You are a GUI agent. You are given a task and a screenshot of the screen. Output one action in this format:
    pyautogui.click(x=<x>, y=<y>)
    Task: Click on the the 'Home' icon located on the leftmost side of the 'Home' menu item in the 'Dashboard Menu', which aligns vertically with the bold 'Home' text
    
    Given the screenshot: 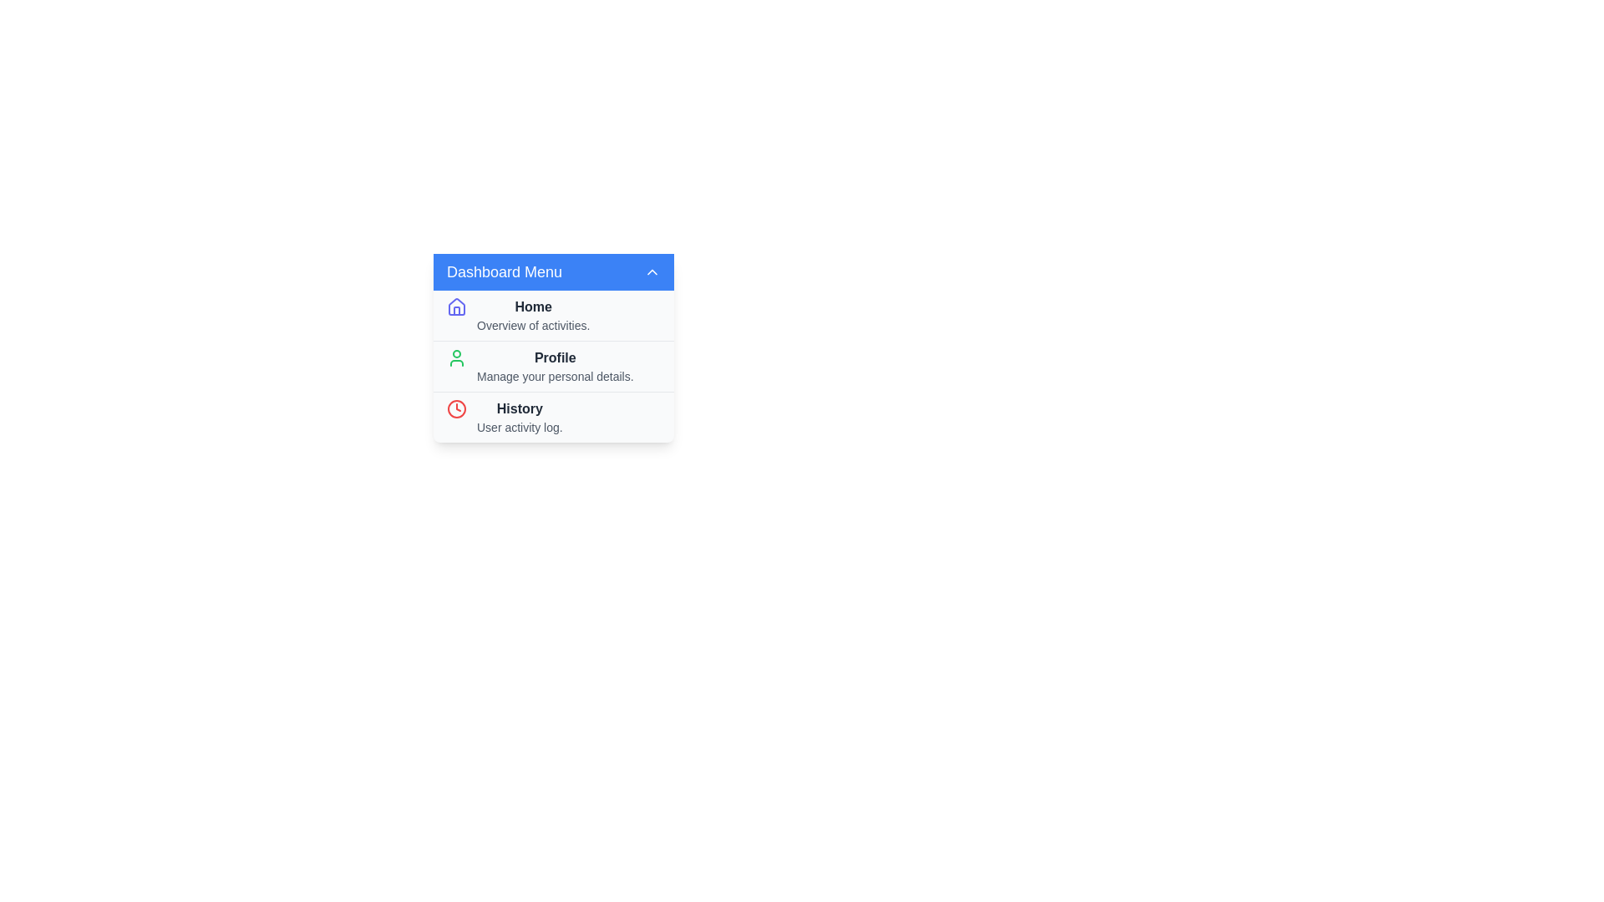 What is the action you would take?
    pyautogui.click(x=457, y=307)
    